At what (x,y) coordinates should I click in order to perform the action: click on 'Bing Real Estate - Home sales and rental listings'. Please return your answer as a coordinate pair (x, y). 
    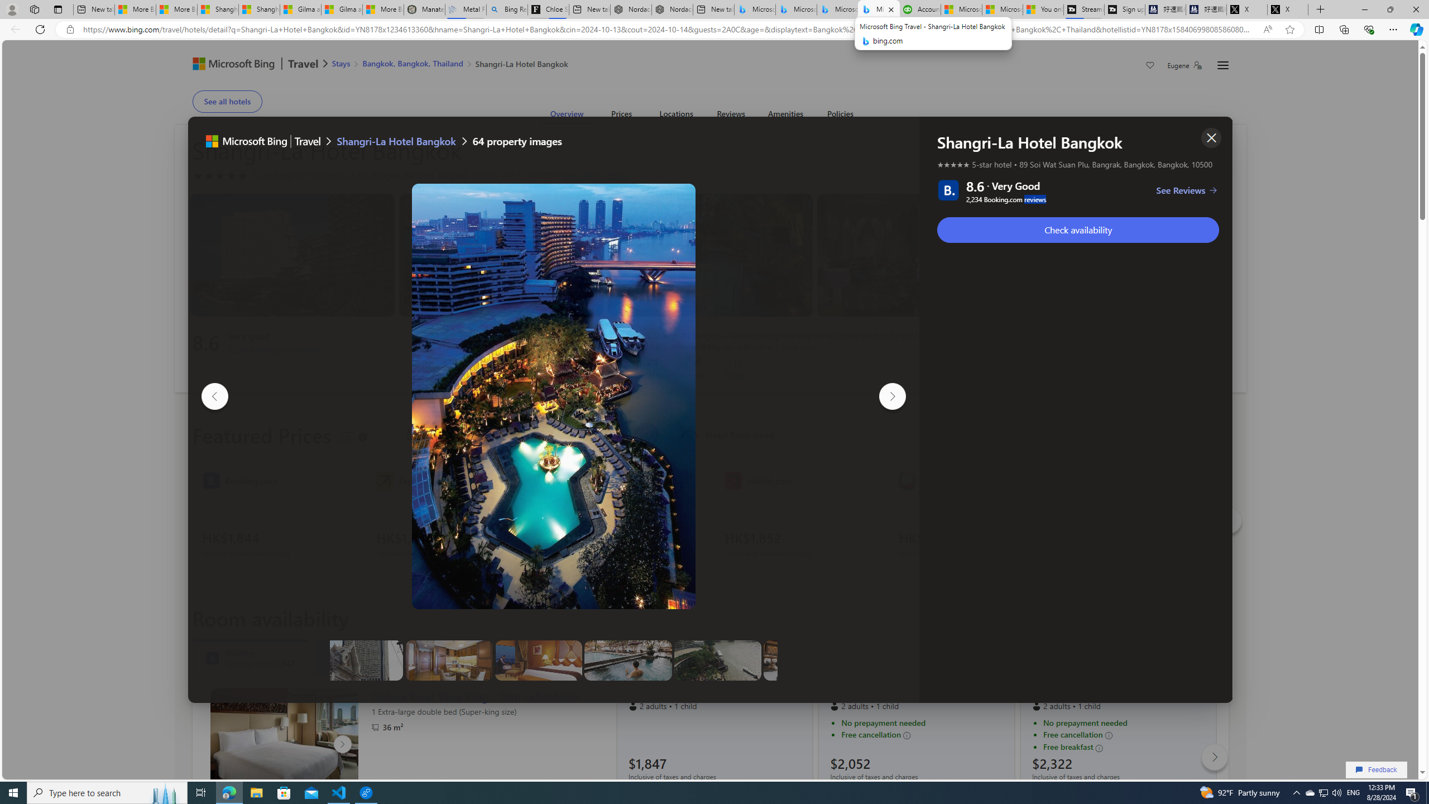
    Looking at the image, I should click on (507, 9).